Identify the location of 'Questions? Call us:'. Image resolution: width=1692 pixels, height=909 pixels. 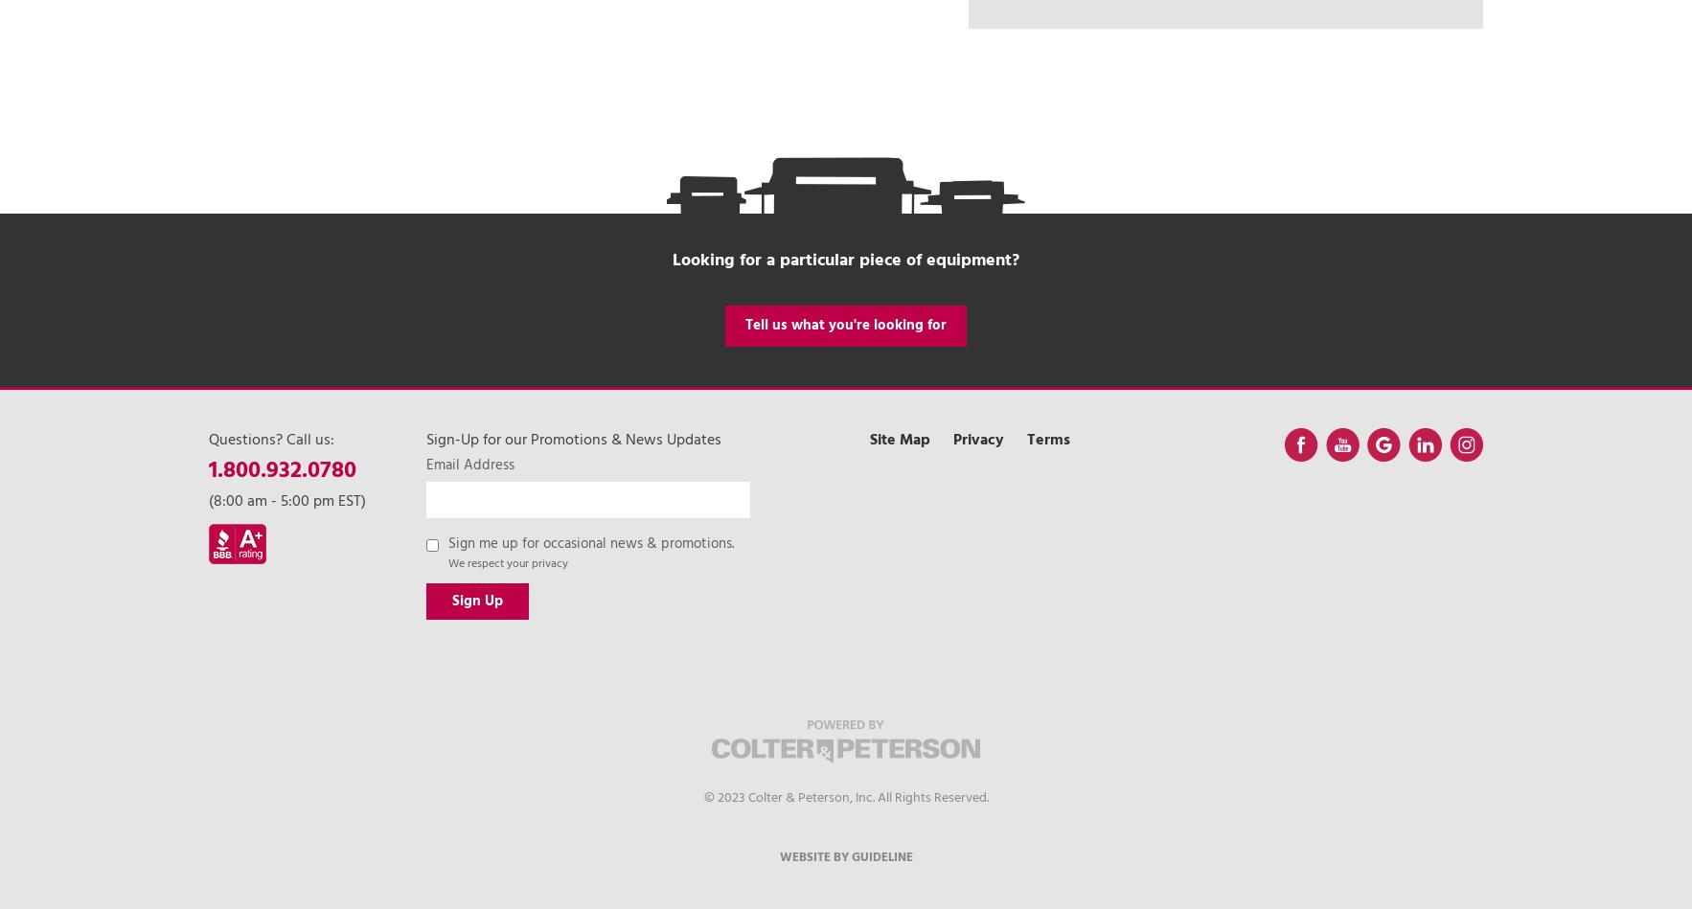
(270, 440).